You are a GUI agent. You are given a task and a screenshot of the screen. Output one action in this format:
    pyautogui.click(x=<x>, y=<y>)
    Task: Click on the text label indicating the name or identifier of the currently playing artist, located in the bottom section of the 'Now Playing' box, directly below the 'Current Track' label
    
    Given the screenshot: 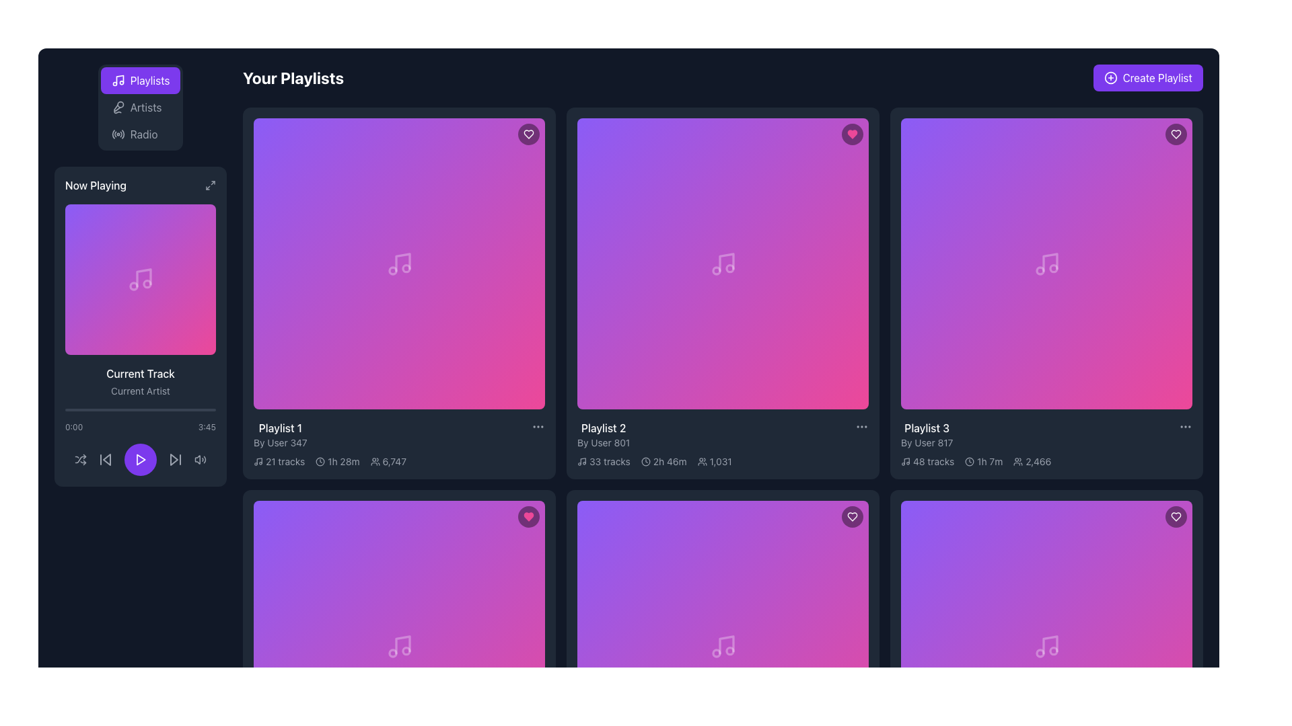 What is the action you would take?
    pyautogui.click(x=141, y=391)
    